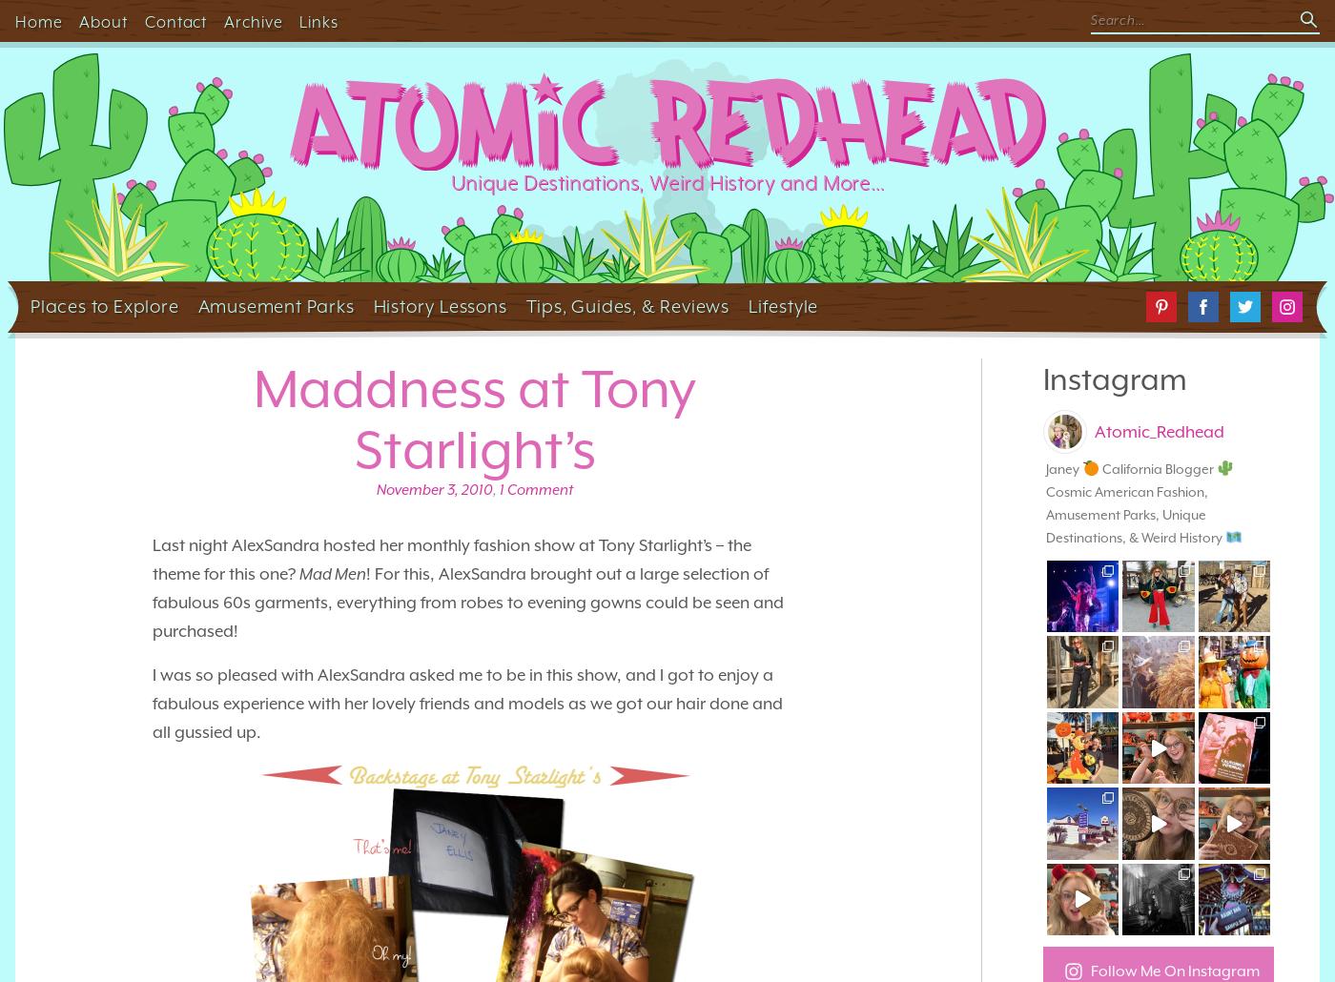  Describe the element at coordinates (1159, 430) in the screenshot. I see `'Atomic_Redhead'` at that location.